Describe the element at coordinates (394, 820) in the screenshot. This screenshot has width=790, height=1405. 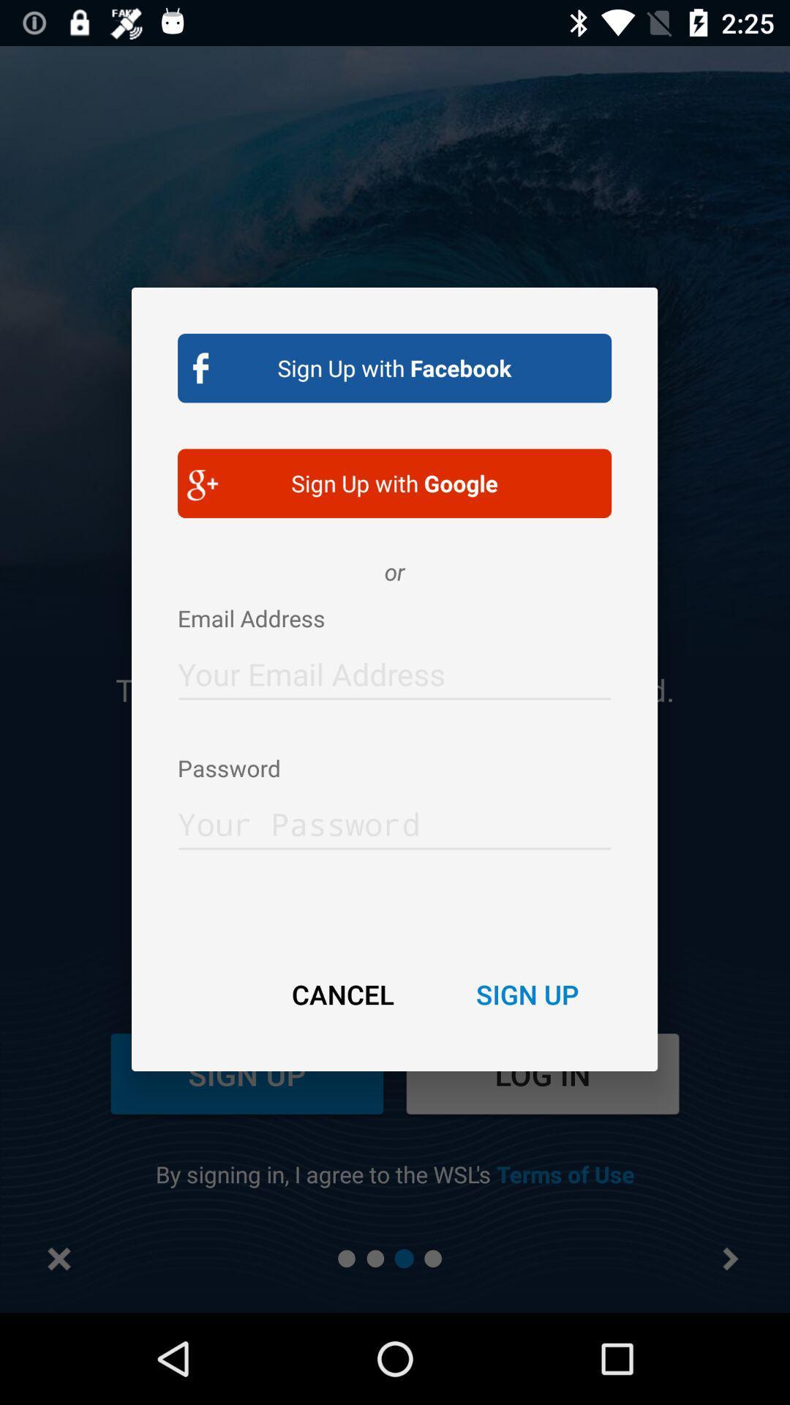
I see `type password` at that location.